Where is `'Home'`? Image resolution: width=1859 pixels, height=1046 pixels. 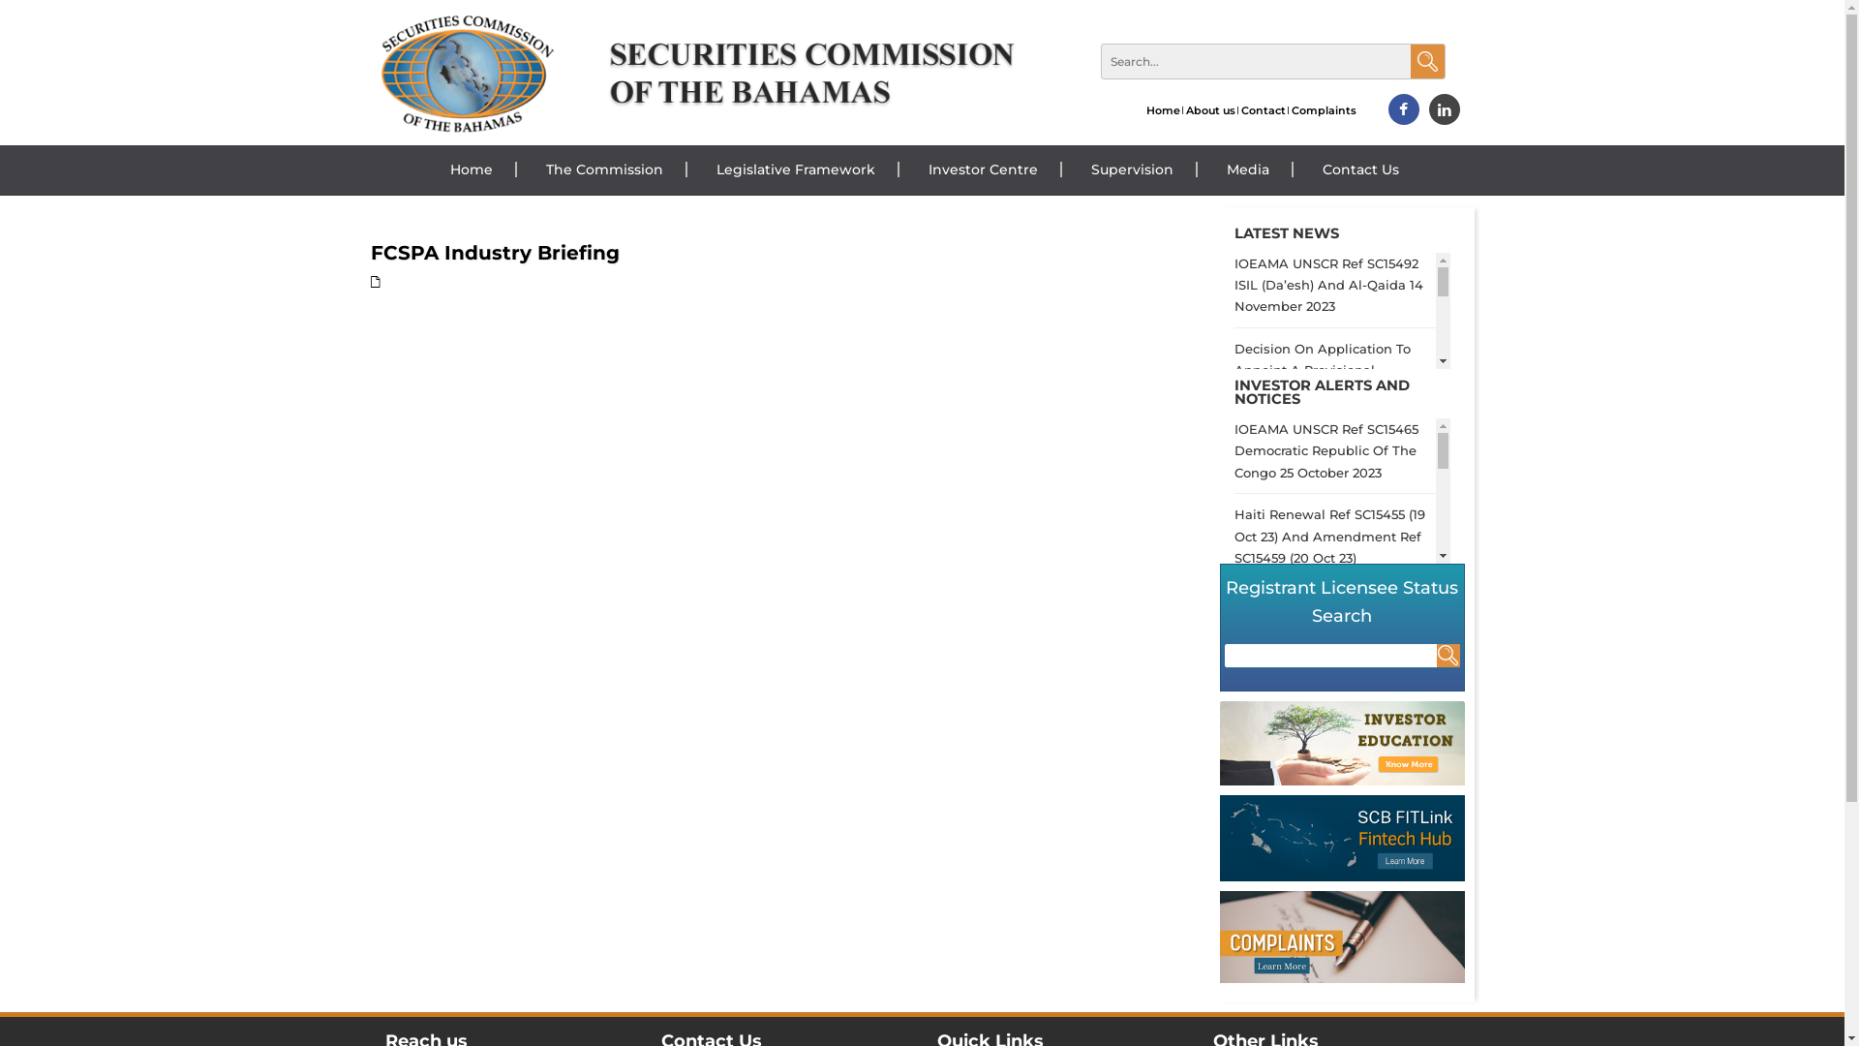 'Home' is located at coordinates (425, 169).